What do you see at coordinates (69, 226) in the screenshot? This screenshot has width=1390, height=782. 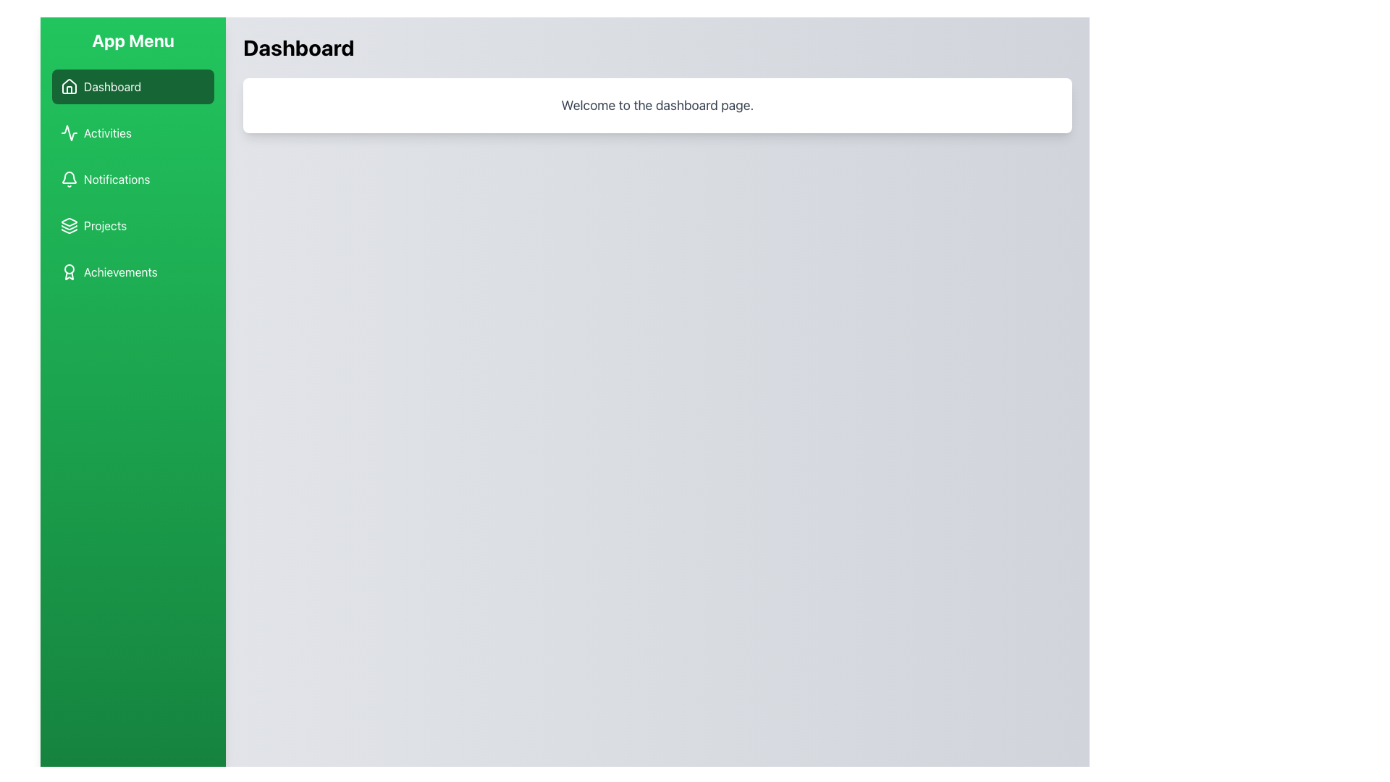 I see `the multi-layer icon with a green background and white drawing lines in the 'Projects' menu` at bounding box center [69, 226].